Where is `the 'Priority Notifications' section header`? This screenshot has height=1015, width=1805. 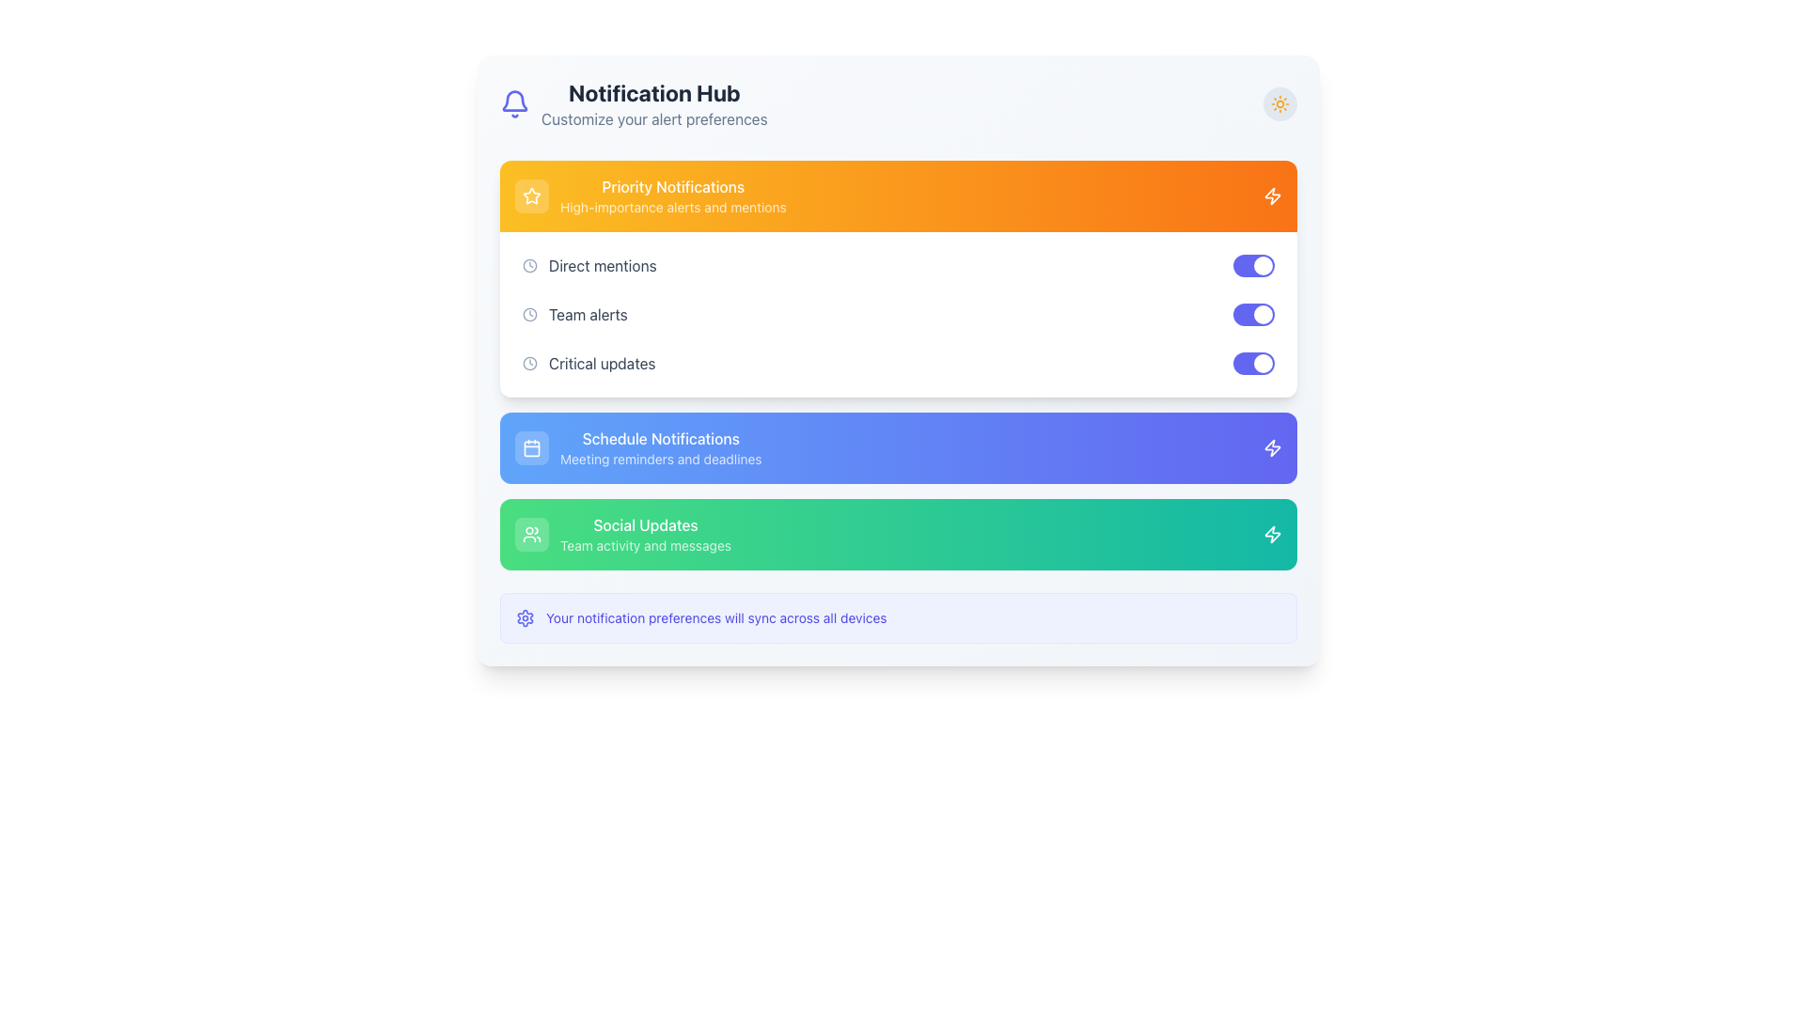 the 'Priority Notifications' section header is located at coordinates (651, 195).